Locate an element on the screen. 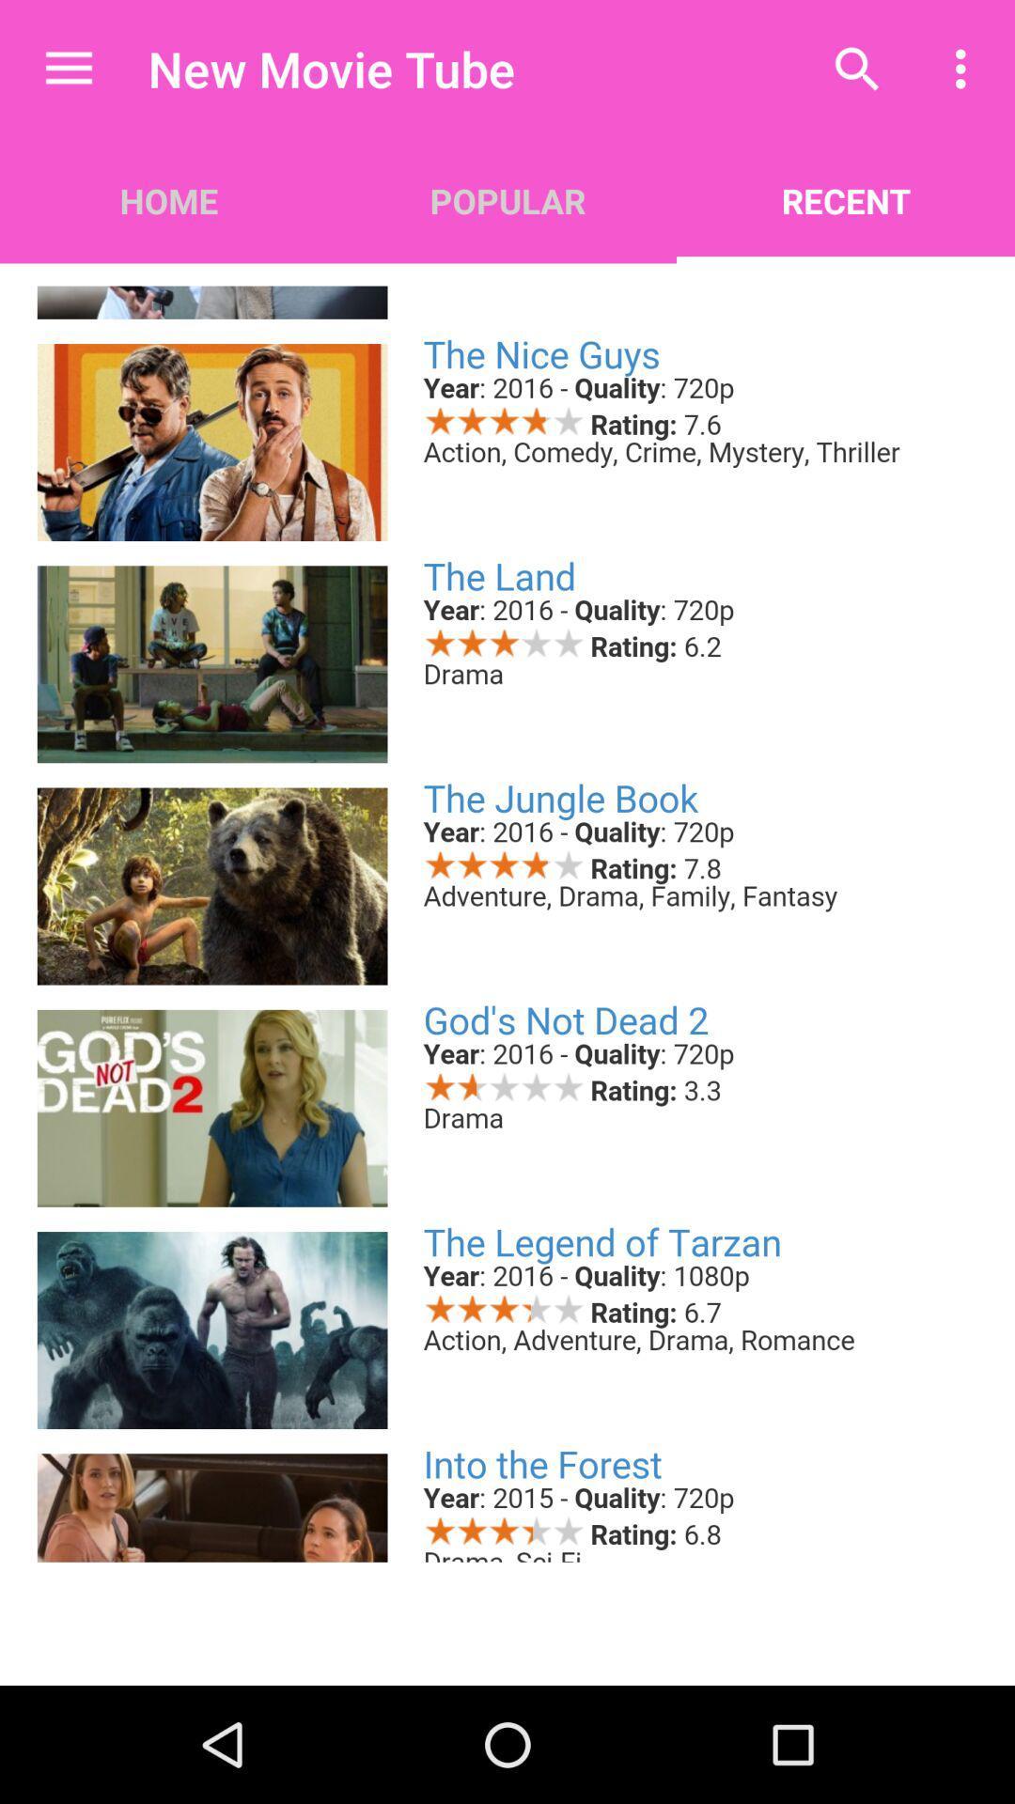  choose video to watch is located at coordinates (507, 911).